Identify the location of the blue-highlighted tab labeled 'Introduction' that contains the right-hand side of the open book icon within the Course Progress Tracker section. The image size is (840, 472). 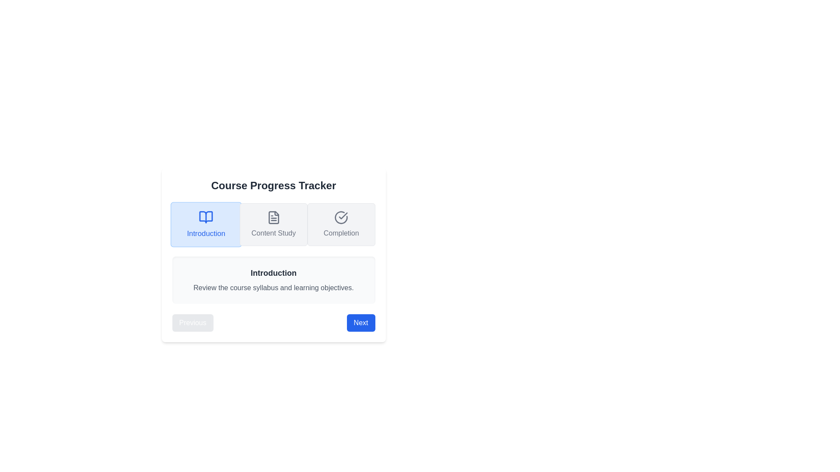
(205, 217).